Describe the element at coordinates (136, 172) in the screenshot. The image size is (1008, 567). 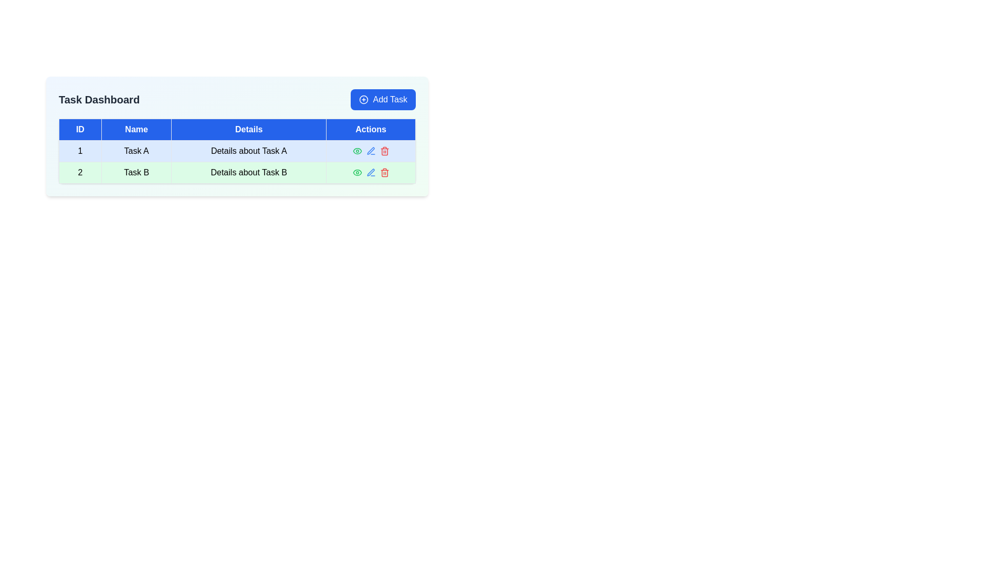
I see `the text label 'Task B' located in the second column of the second row of the table, which is adjacent to '2' on the left and 'Details about Task B' on the right` at that location.